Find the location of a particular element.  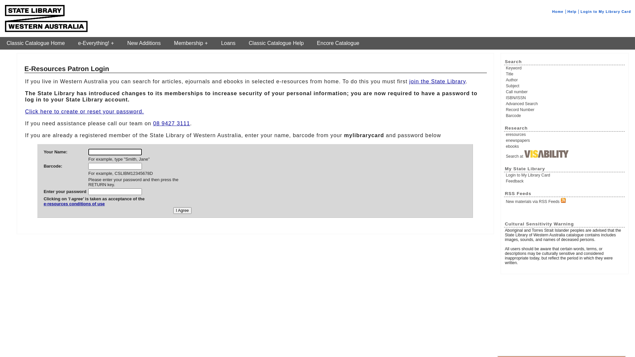

'join the State Library' is located at coordinates (409, 81).